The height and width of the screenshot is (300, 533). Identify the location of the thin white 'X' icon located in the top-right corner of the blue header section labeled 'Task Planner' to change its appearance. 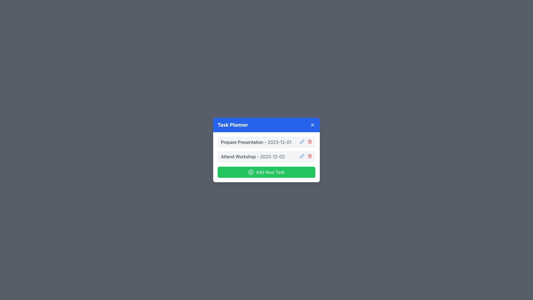
(313, 125).